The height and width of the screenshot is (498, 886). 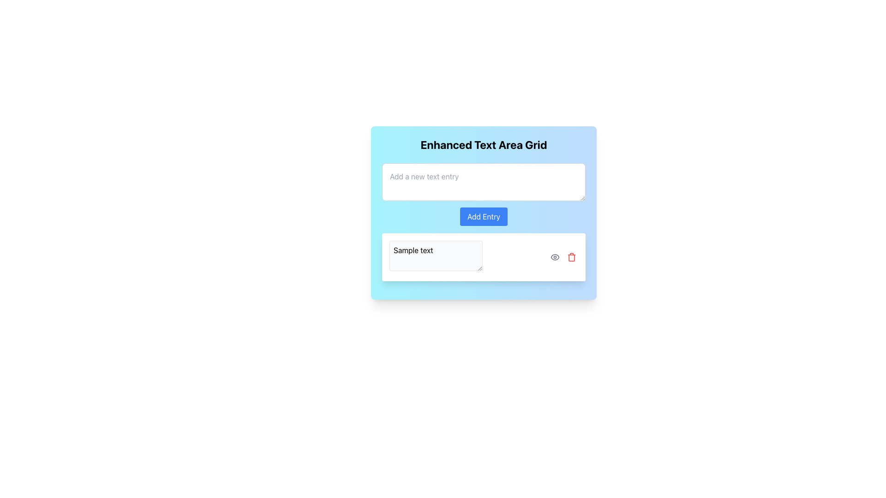 What do you see at coordinates (571, 257) in the screenshot?
I see `the red trash can icon button located in the bottom right corner of the text entry box` at bounding box center [571, 257].